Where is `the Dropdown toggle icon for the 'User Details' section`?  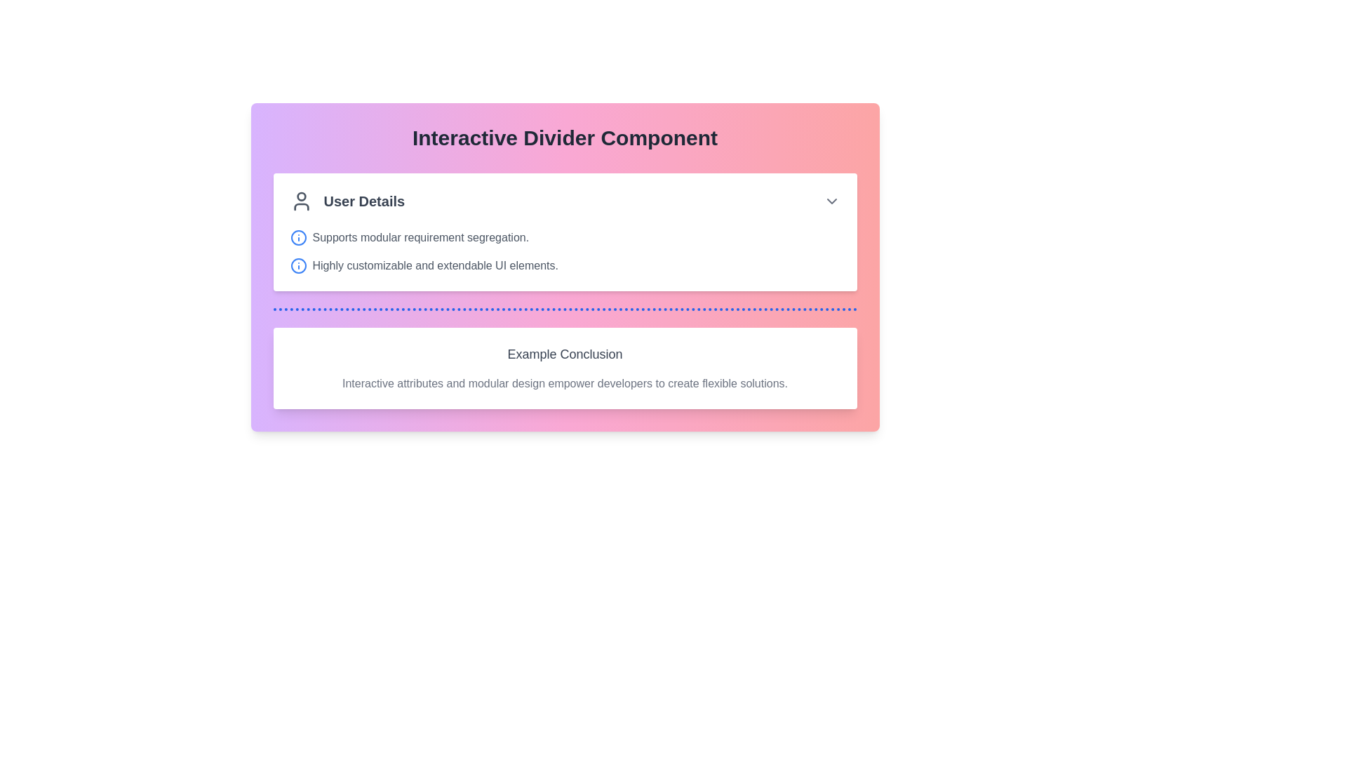
the Dropdown toggle icon for the 'User Details' section is located at coordinates (831, 201).